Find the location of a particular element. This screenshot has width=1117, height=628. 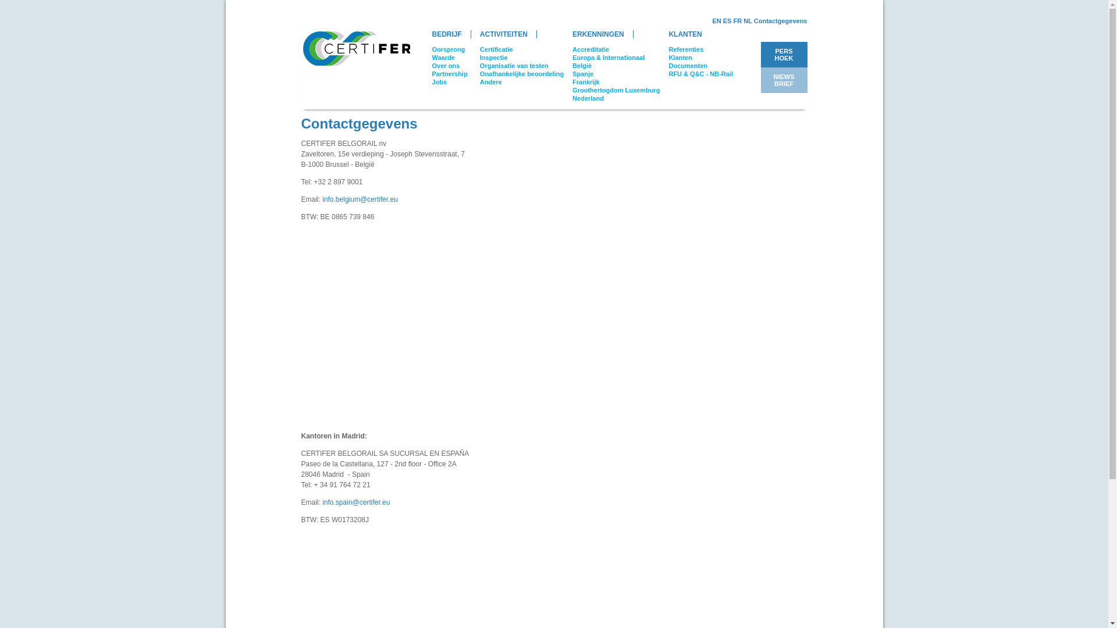

'Contactgegevens' is located at coordinates (754, 20).